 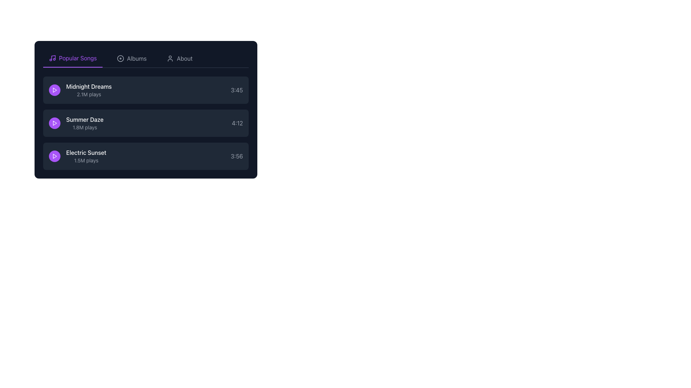 What do you see at coordinates (54, 156) in the screenshot?
I see `the play button for the song 'Electric Sunset'` at bounding box center [54, 156].